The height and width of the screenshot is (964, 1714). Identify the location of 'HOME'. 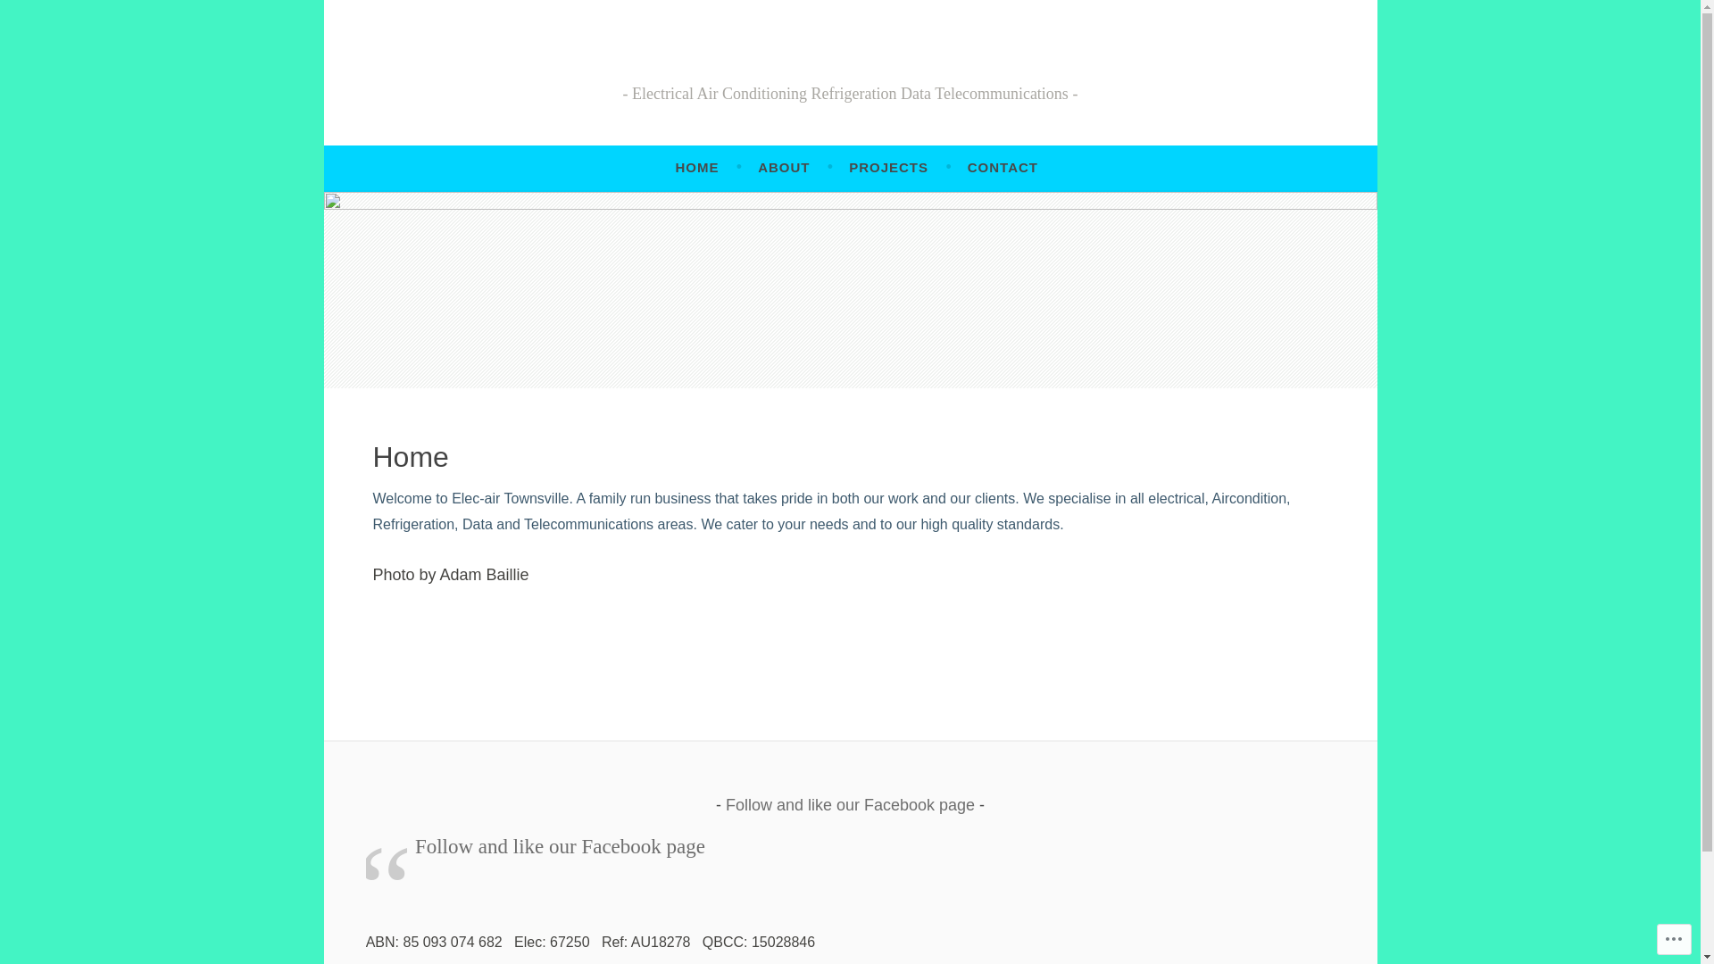
(695, 168).